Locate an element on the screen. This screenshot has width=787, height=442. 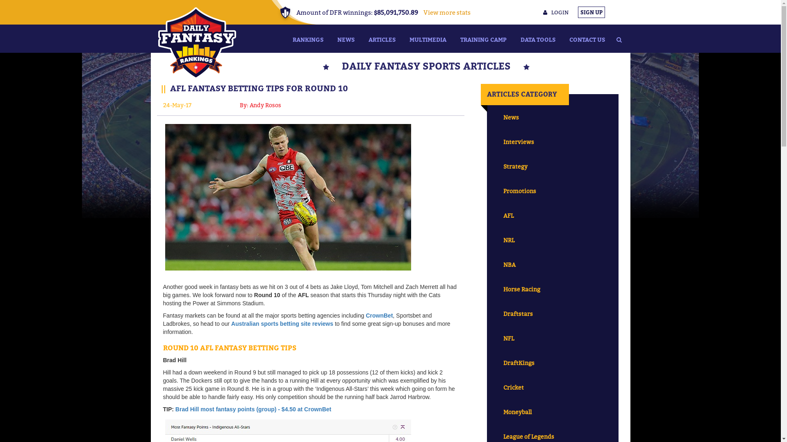
'Cricket' is located at coordinates (553, 387).